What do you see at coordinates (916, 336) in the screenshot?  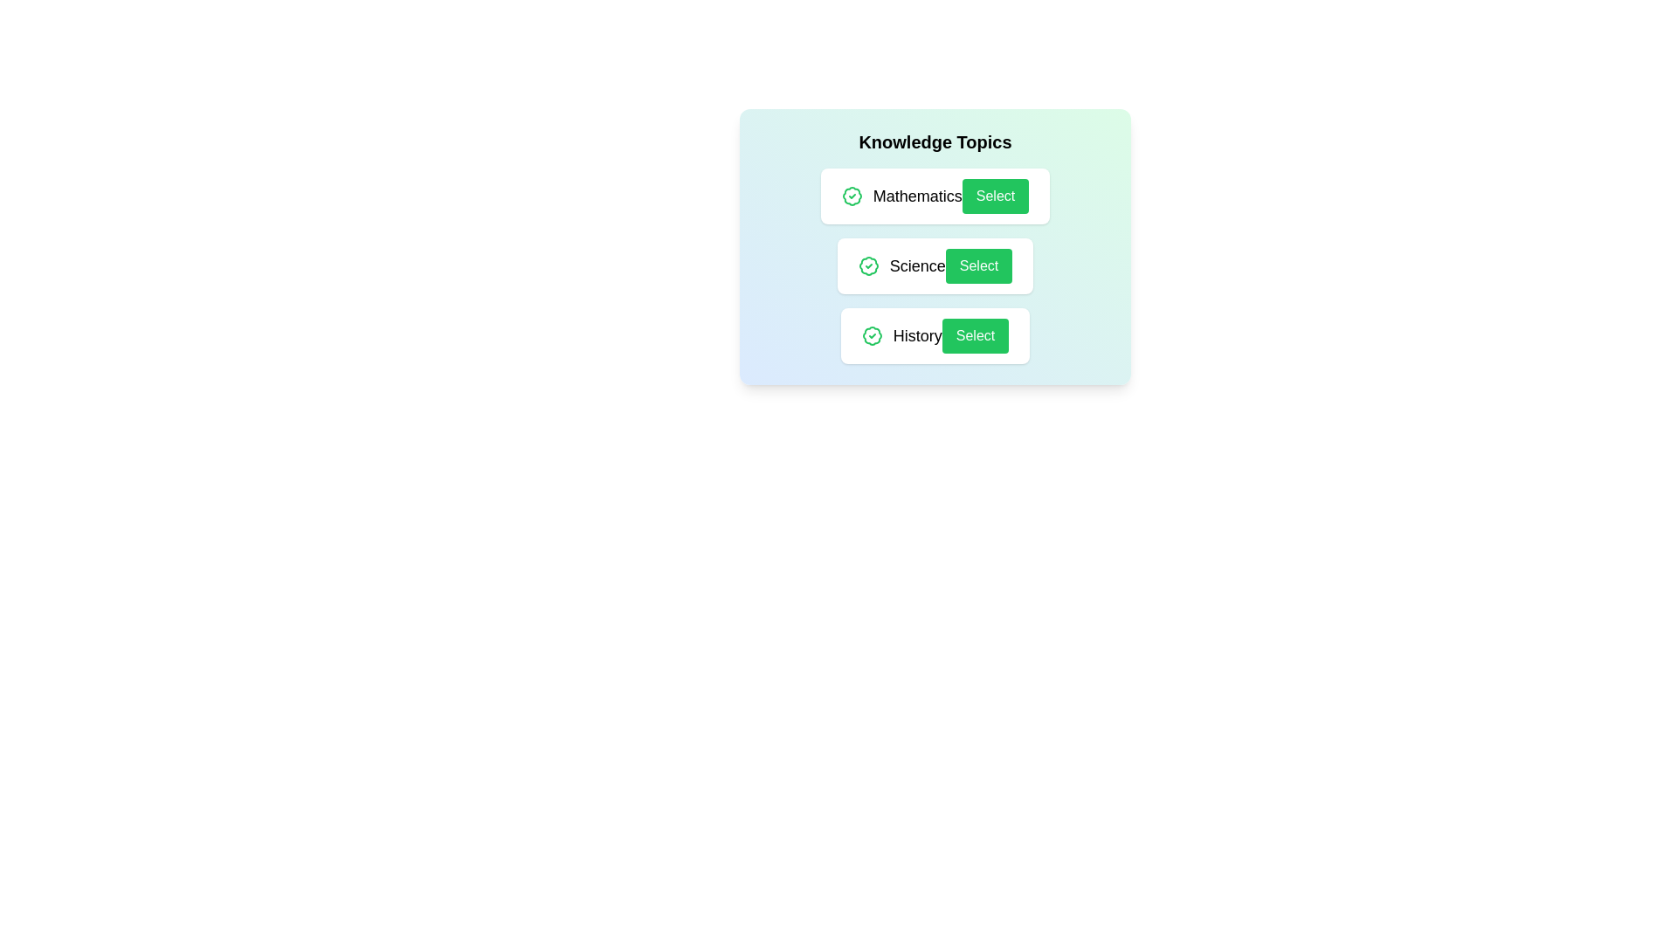 I see `the topic name History to focus or select it` at bounding box center [916, 336].